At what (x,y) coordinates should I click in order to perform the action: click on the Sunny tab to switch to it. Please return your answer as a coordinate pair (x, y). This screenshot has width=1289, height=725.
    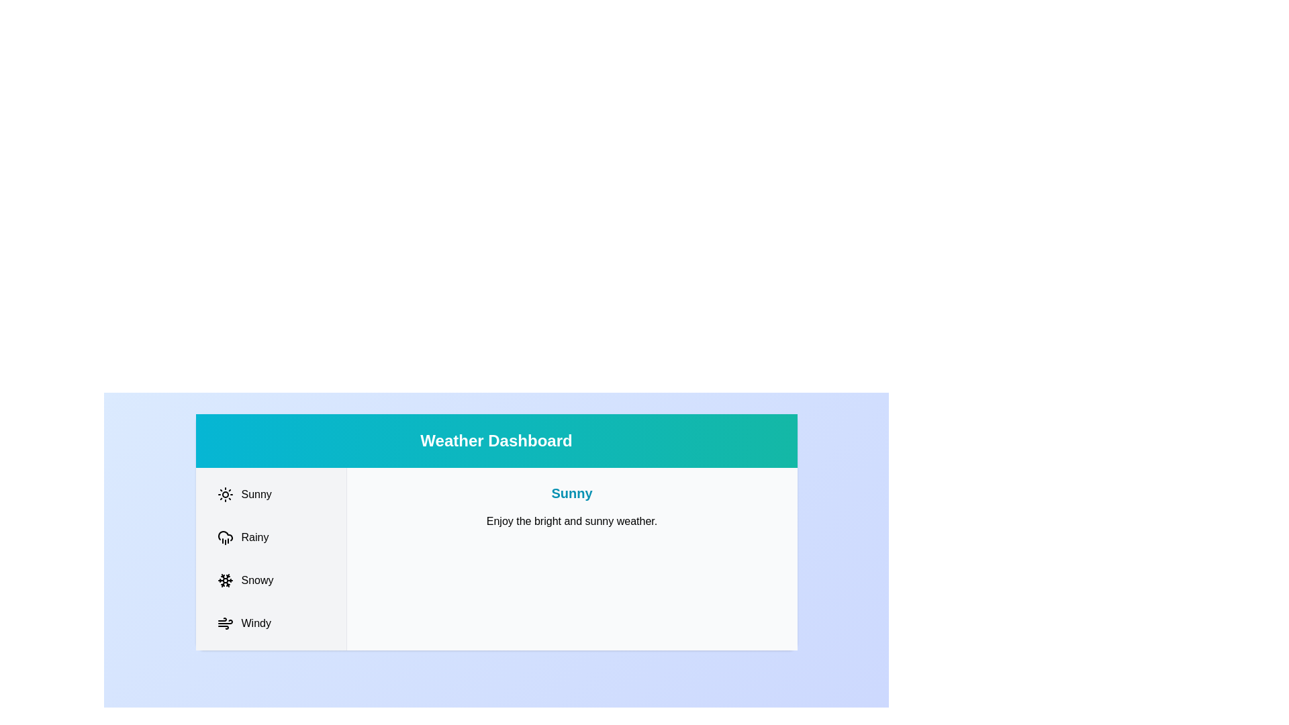
    Looking at the image, I should click on (270, 494).